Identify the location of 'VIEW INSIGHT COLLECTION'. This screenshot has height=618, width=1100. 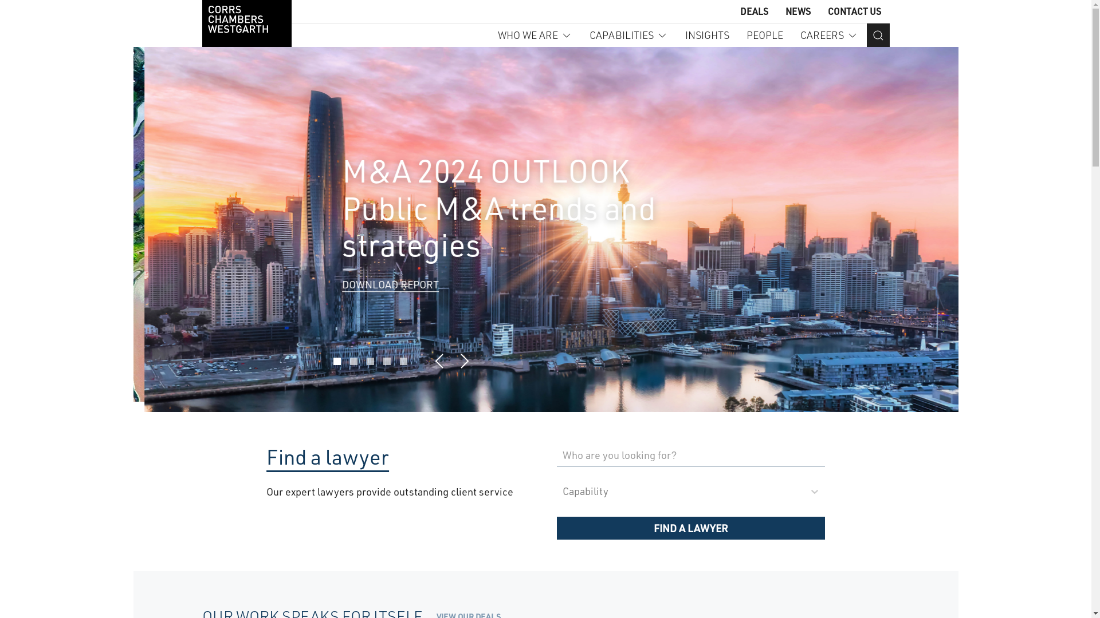
(395, 297).